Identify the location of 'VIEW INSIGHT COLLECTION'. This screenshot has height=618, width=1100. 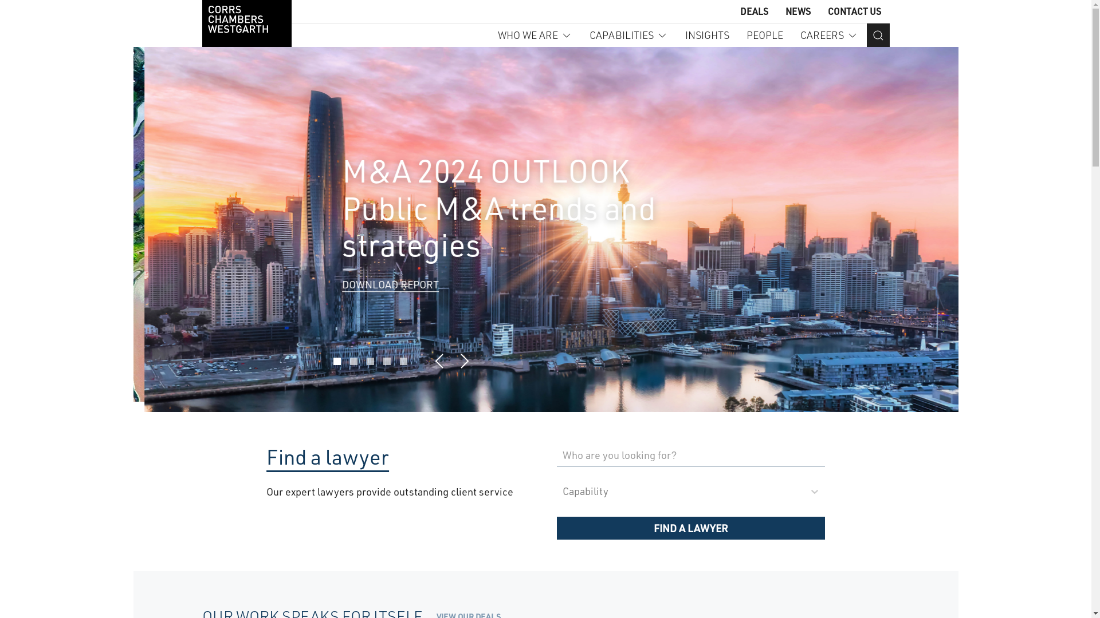
(395, 297).